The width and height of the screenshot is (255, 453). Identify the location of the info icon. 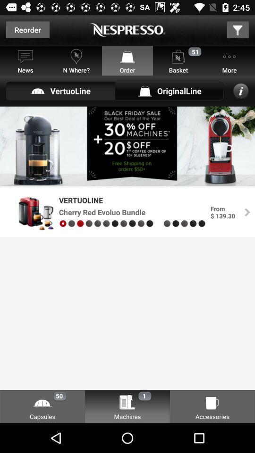
(241, 91).